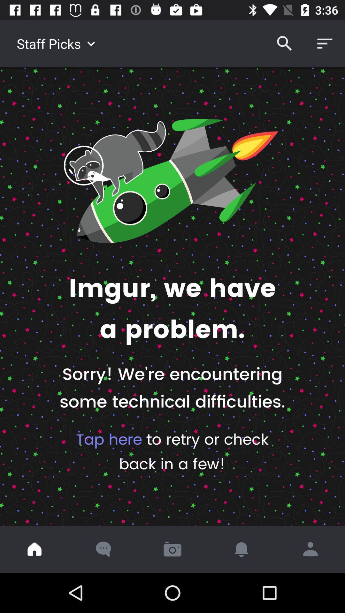  What do you see at coordinates (34, 549) in the screenshot?
I see `home screen` at bounding box center [34, 549].